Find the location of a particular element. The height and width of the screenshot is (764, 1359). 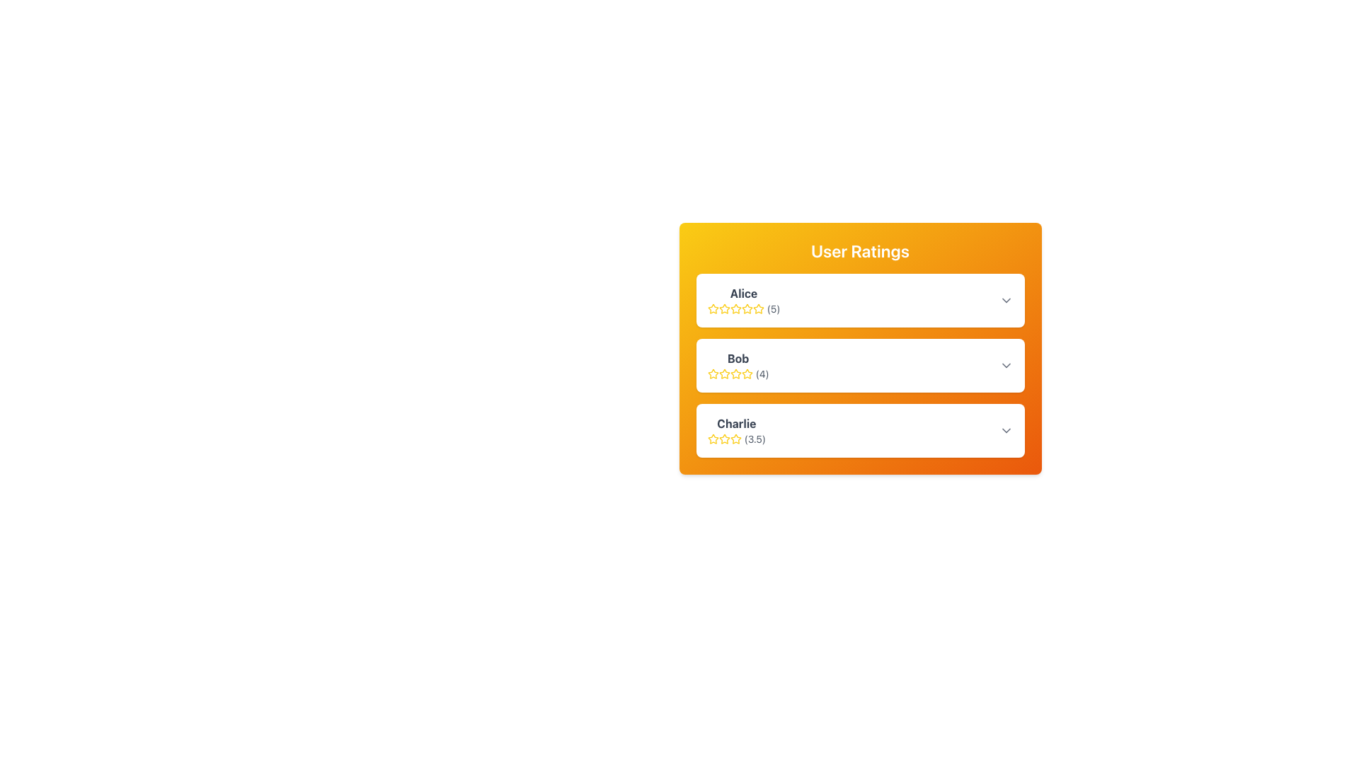

the appearance of the third star icon in the User Ratings section, which is styled with a yellow outline and empty interior, located next to the text 'Alice' and before the rating count '(5)' is located at coordinates (724, 308).